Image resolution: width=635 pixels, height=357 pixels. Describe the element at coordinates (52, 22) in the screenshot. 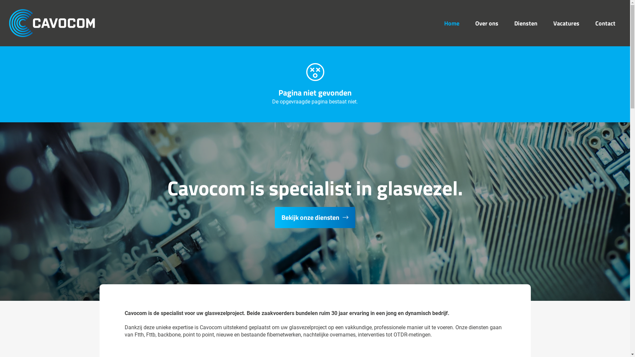

I see `'Cavocom'` at that location.